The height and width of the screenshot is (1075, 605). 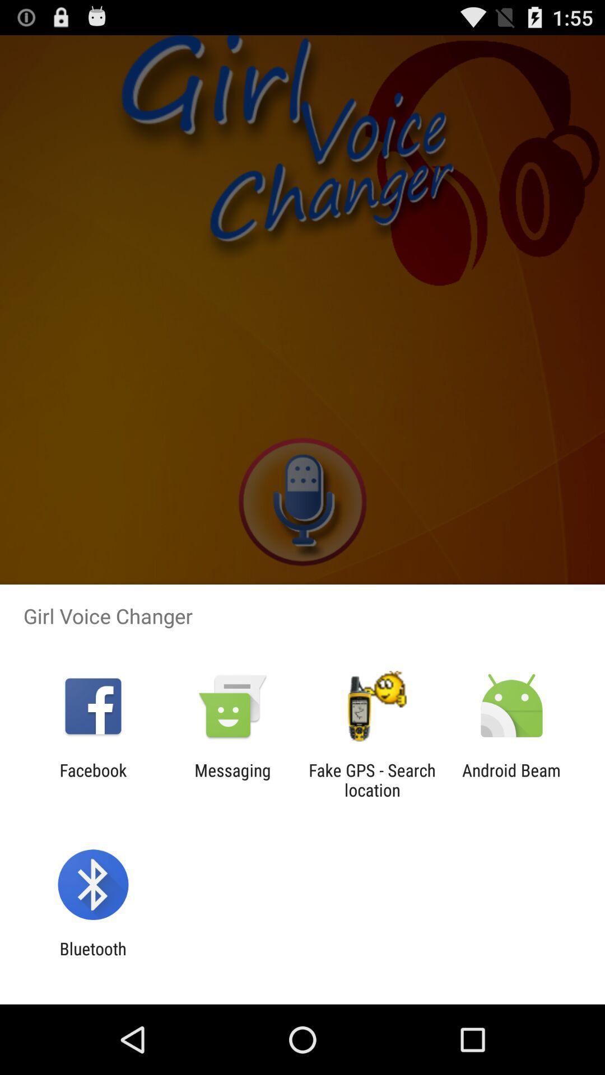 What do you see at coordinates (372, 779) in the screenshot?
I see `item to the left of android beam app` at bounding box center [372, 779].